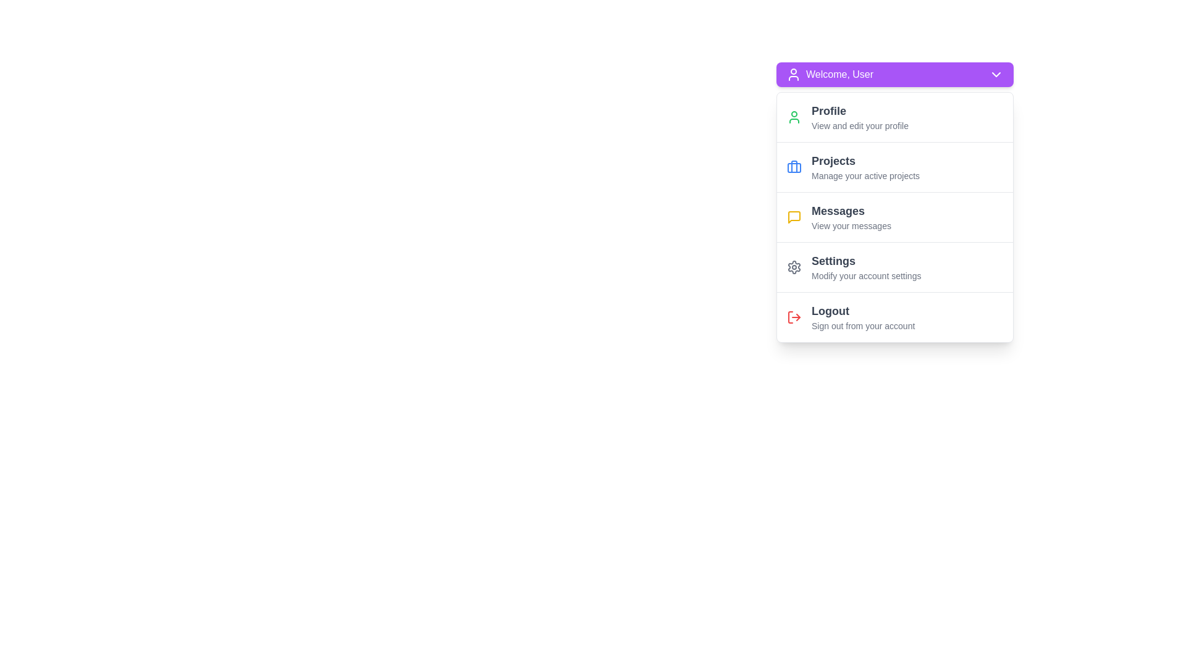  I want to click on the rounded rectangular shape of the SVG icon resembling a briefcase located within the 'Projects' dropdown menu, so click(794, 168).